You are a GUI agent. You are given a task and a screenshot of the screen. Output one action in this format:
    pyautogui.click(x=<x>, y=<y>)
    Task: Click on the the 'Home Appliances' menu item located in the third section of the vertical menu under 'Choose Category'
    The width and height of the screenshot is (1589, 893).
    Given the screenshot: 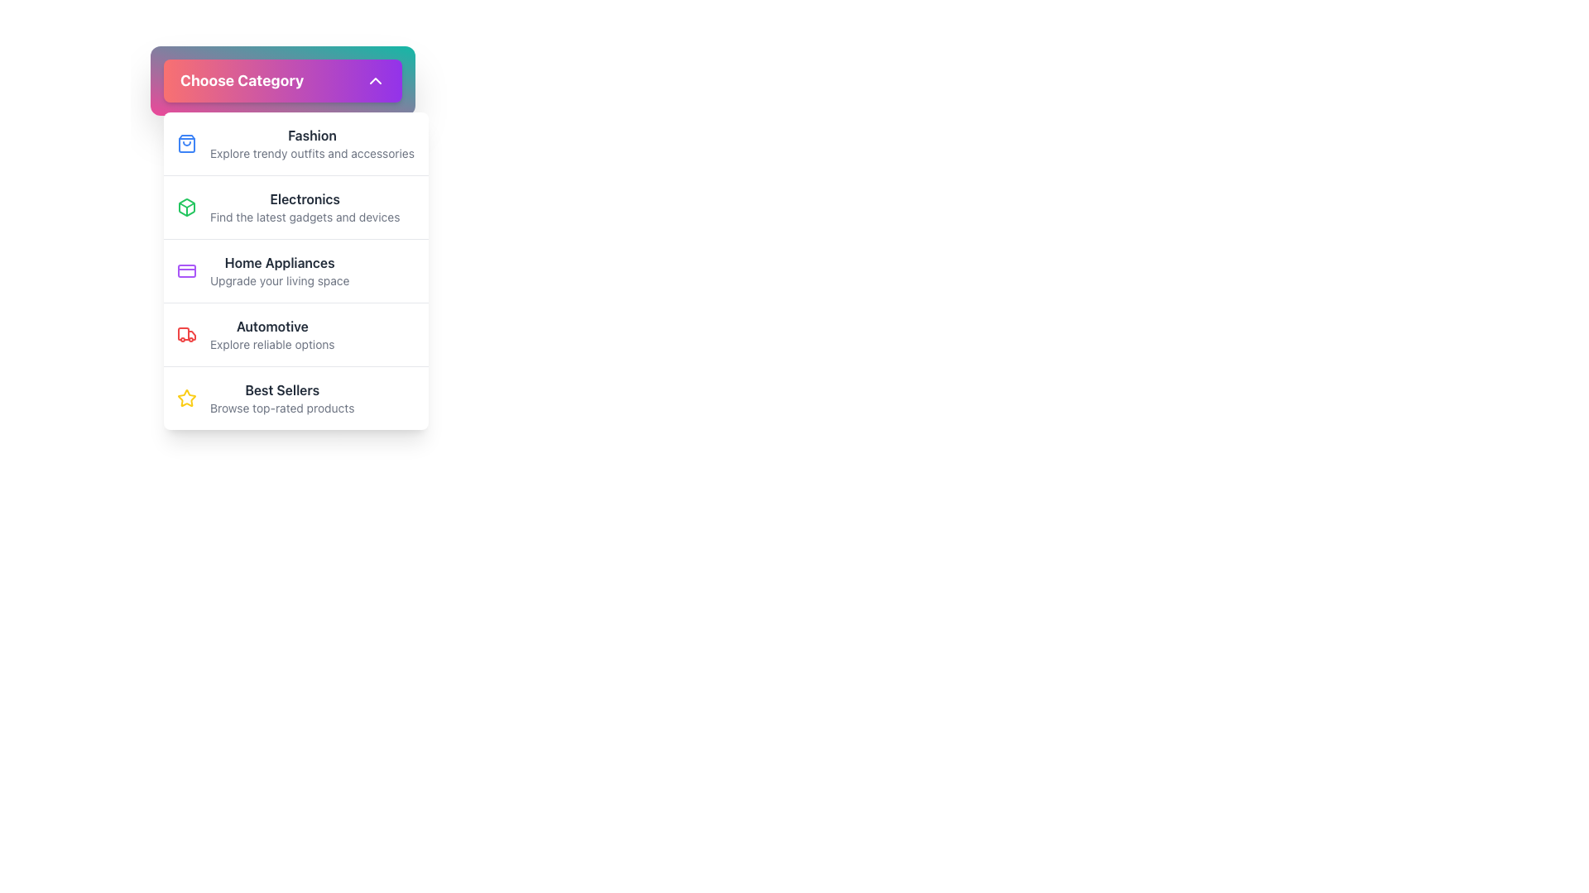 What is the action you would take?
    pyautogui.click(x=296, y=270)
    